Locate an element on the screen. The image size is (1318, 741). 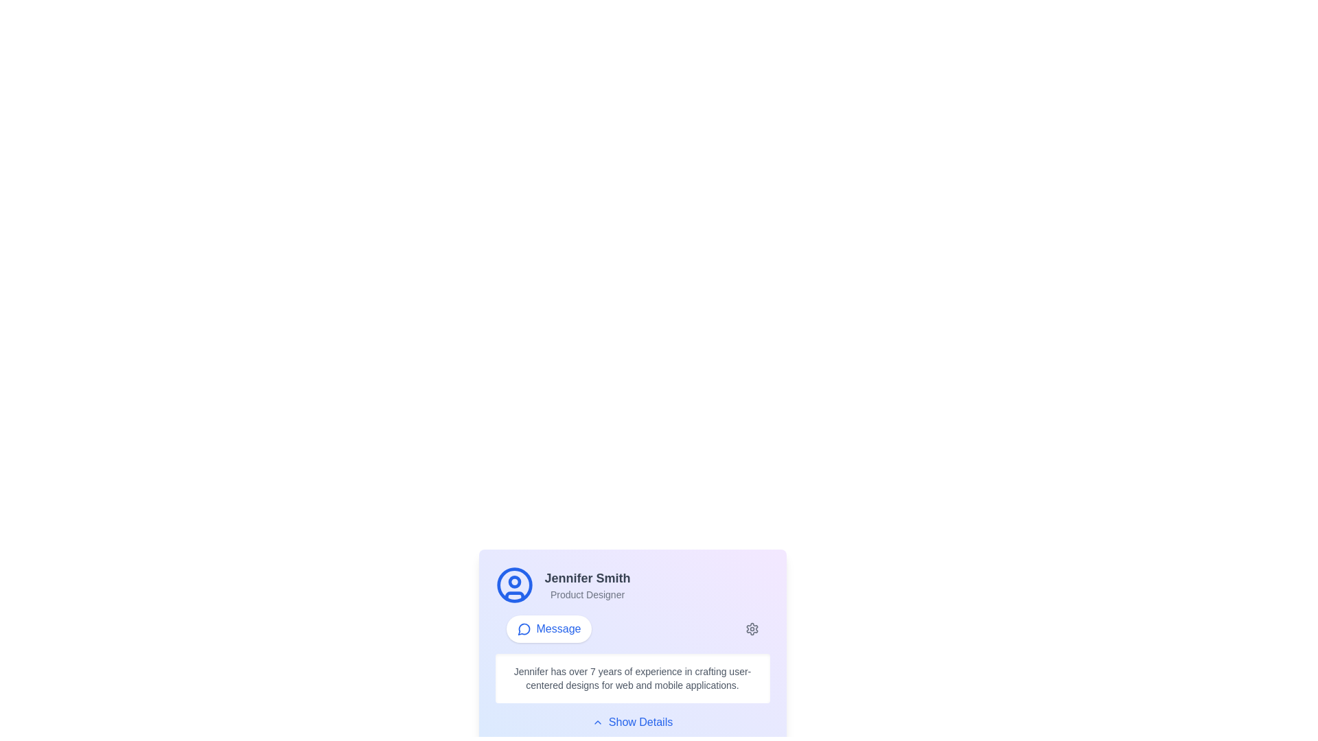
the Settings Icon, which is a cog or gear-like icon located in the bottom-right corner of the user profile card interface, next to a descriptive text block is located at coordinates (751, 629).